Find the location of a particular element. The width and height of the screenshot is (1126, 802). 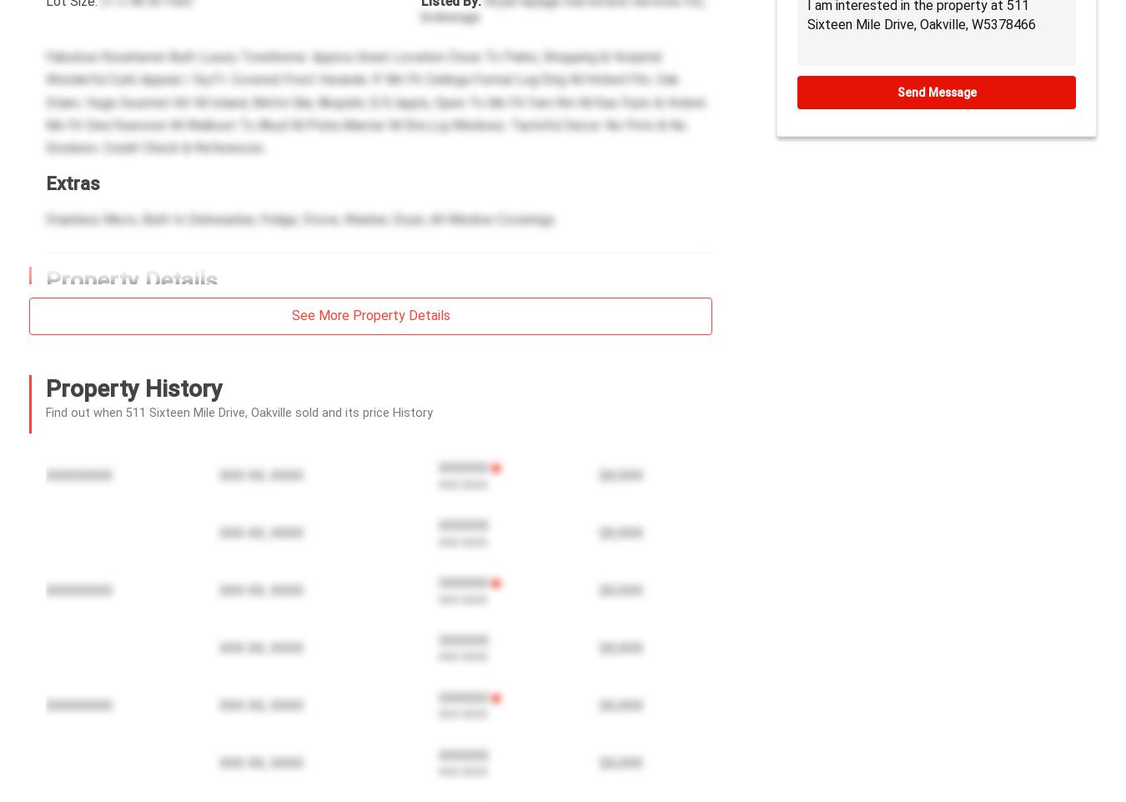

'Days on Market:' is located at coordinates (44, 398).